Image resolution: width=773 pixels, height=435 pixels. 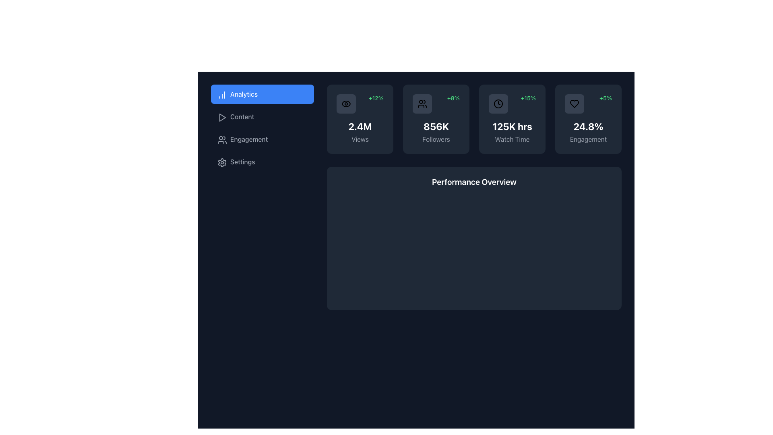 I want to click on the Text Display that shows the number of views (2.4 million) in the Analytics section, so click(x=360, y=126).